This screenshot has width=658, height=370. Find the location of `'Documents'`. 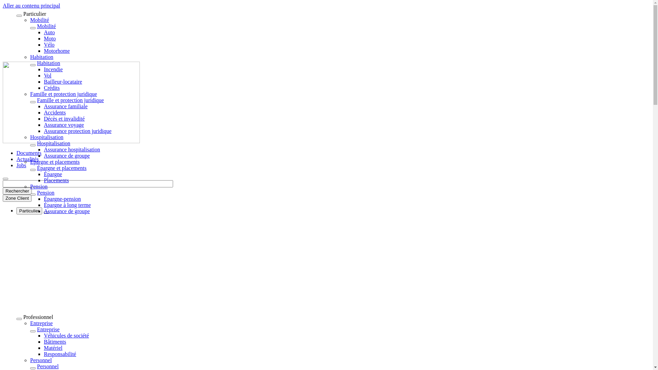

'Documents' is located at coordinates (28, 152).